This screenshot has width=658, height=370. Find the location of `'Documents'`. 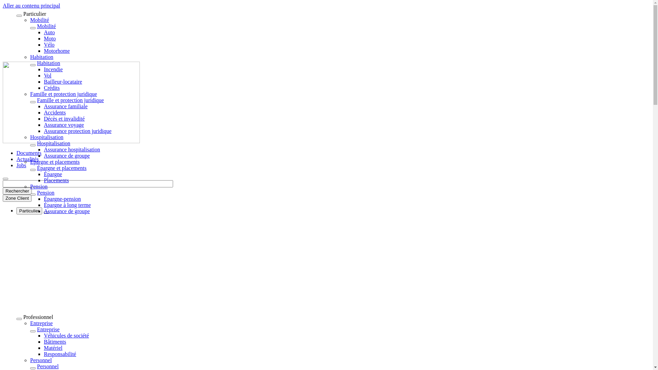

'Documents' is located at coordinates (28, 152).